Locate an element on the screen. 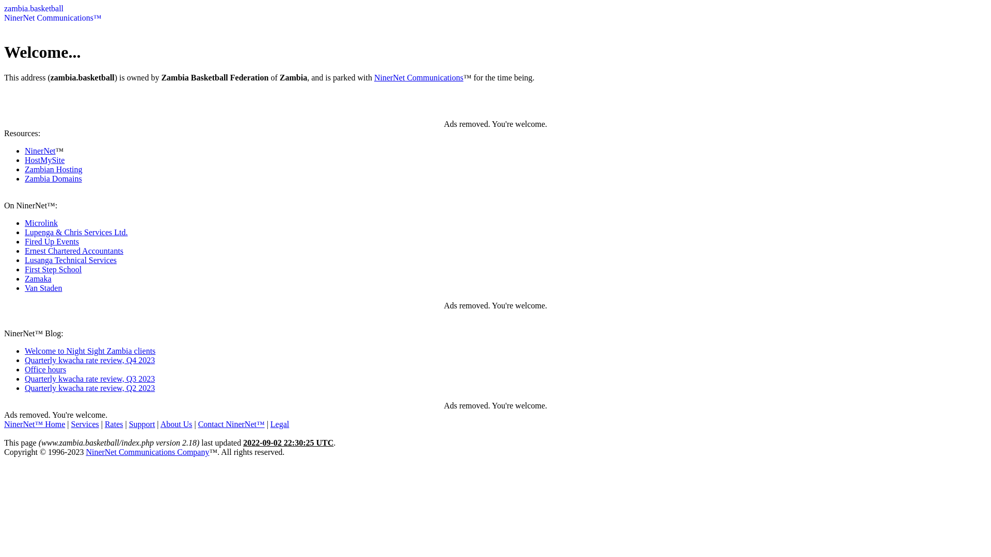 Image resolution: width=991 pixels, height=557 pixels. 'Microlink' is located at coordinates (41, 222).